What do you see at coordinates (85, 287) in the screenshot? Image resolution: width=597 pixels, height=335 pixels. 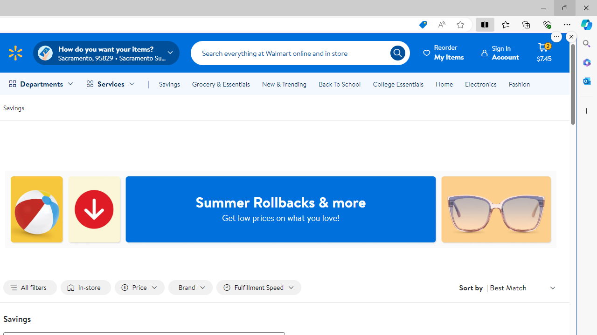 I see `'Filter by In-store'` at bounding box center [85, 287].